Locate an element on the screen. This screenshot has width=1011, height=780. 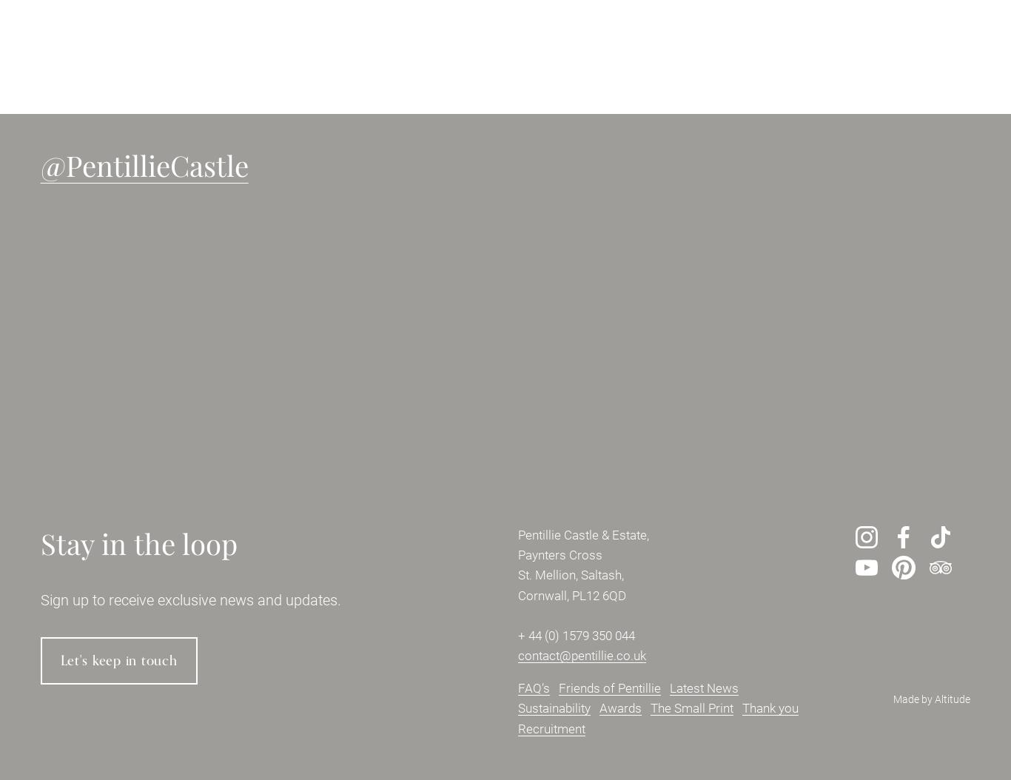
'Awards' is located at coordinates (599, 708).